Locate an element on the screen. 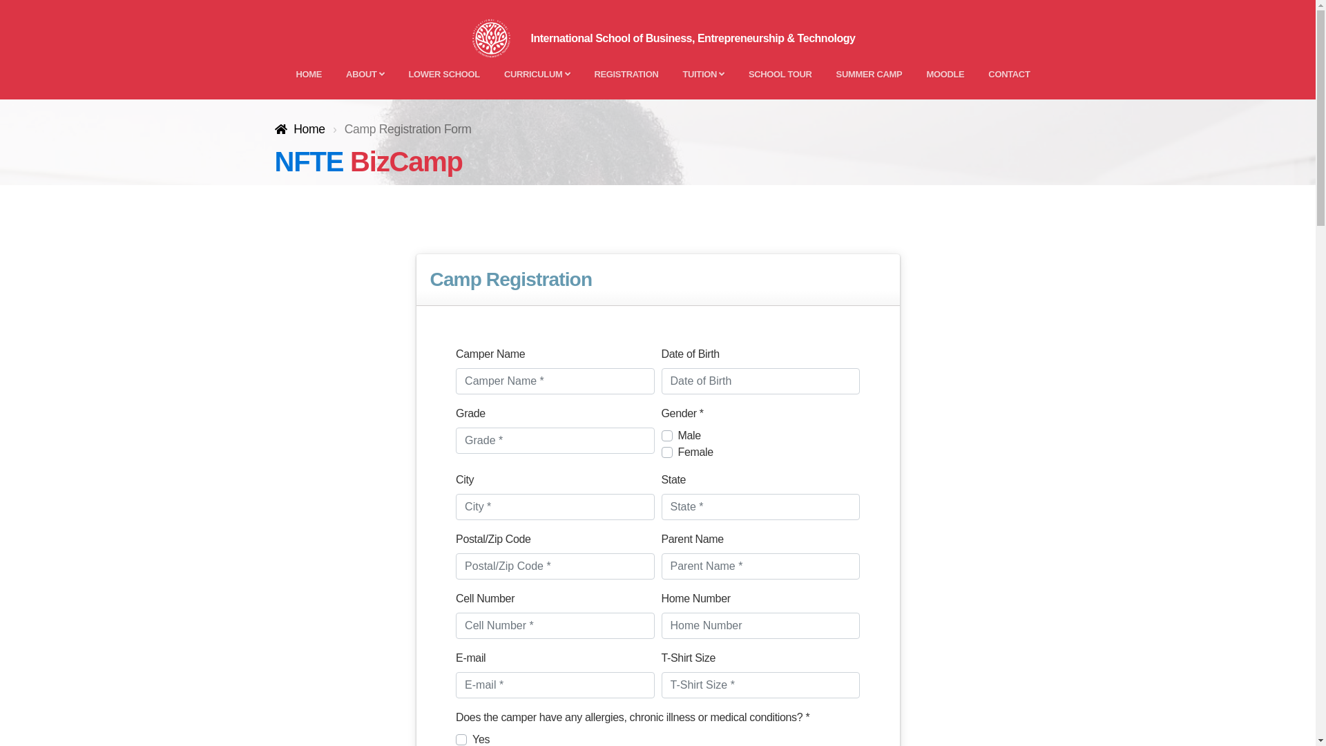  'TUITION' is located at coordinates (702, 74).